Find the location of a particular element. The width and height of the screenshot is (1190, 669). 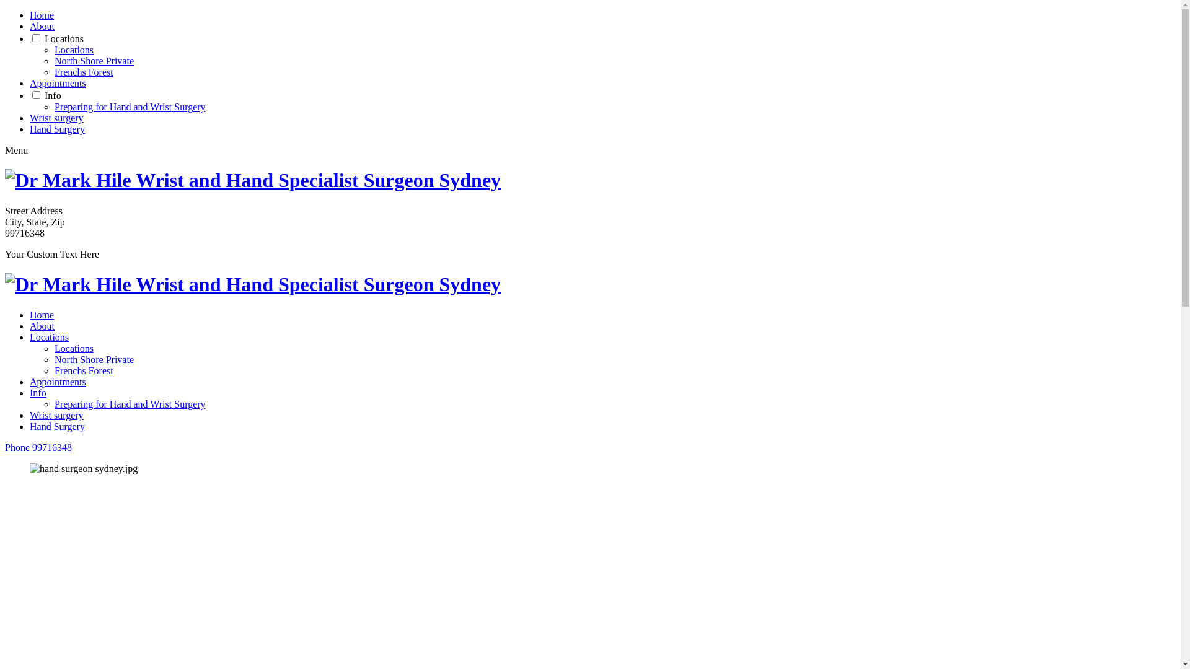

'North Shore Private' is located at coordinates (94, 359).